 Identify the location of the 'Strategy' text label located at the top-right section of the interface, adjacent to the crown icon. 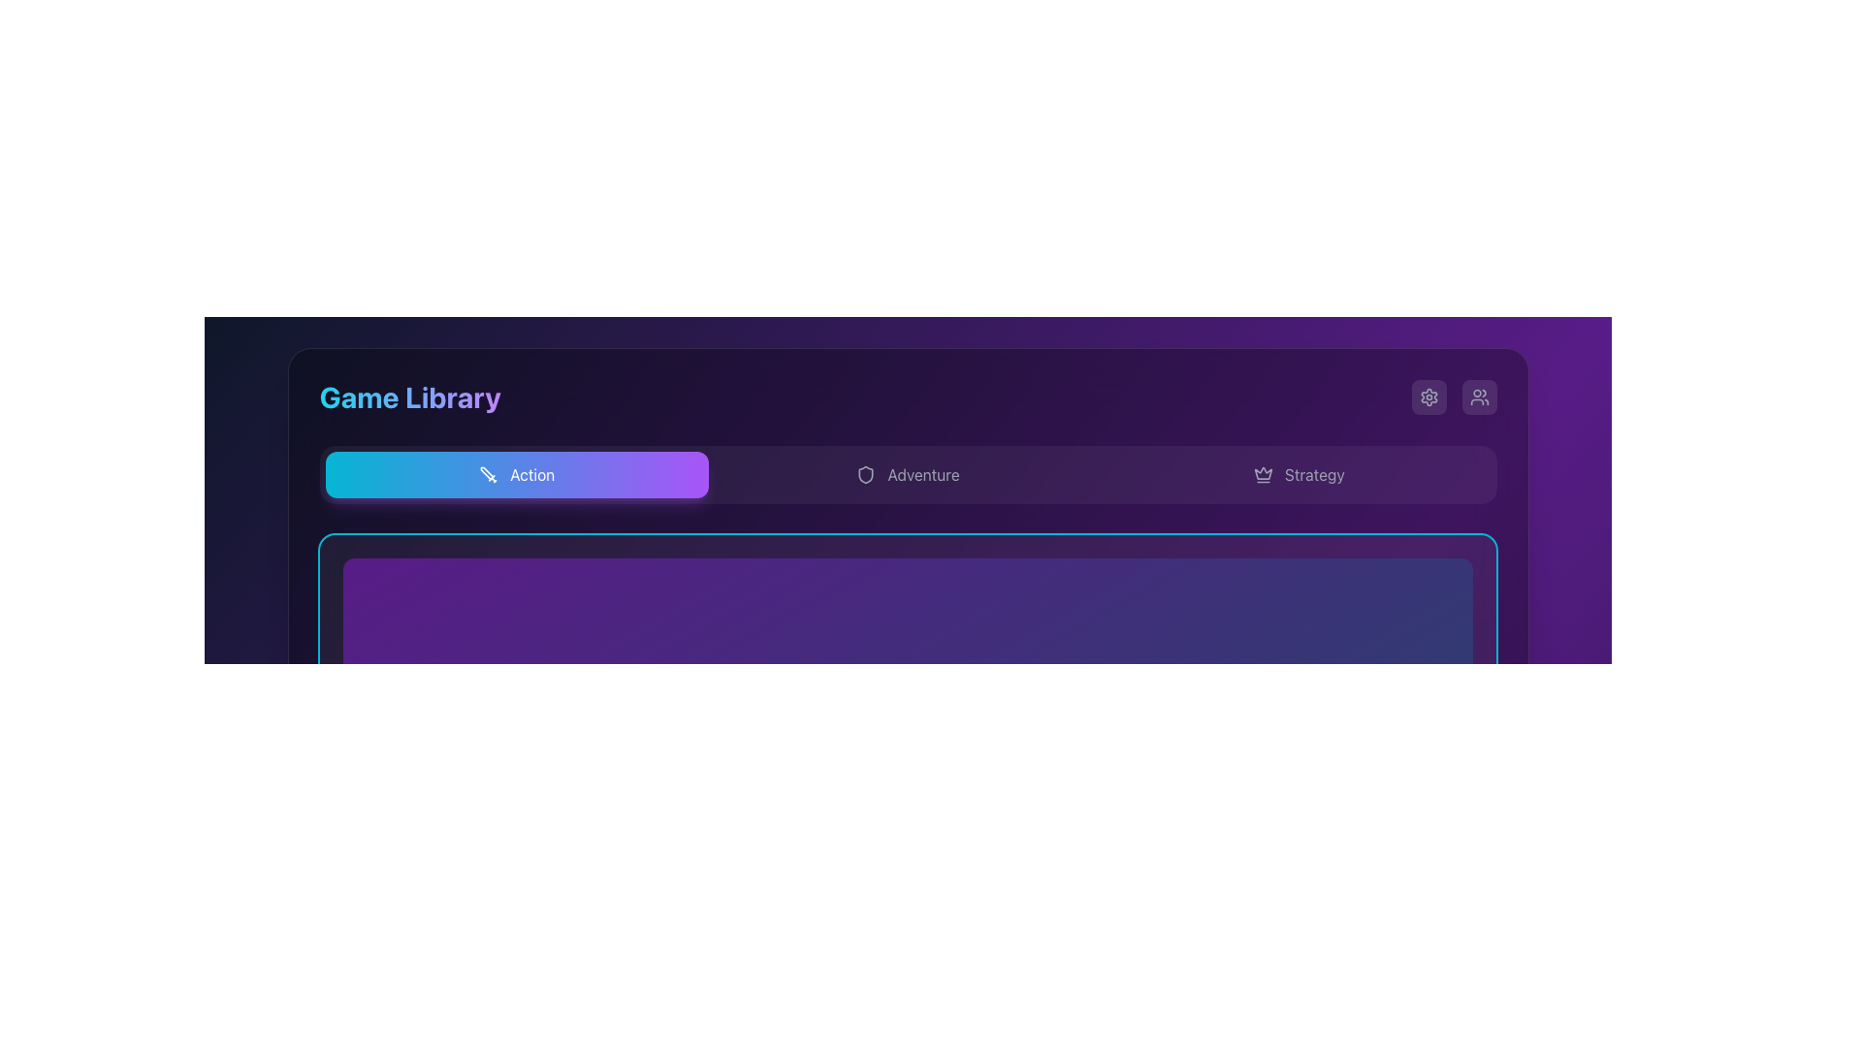
(1314, 474).